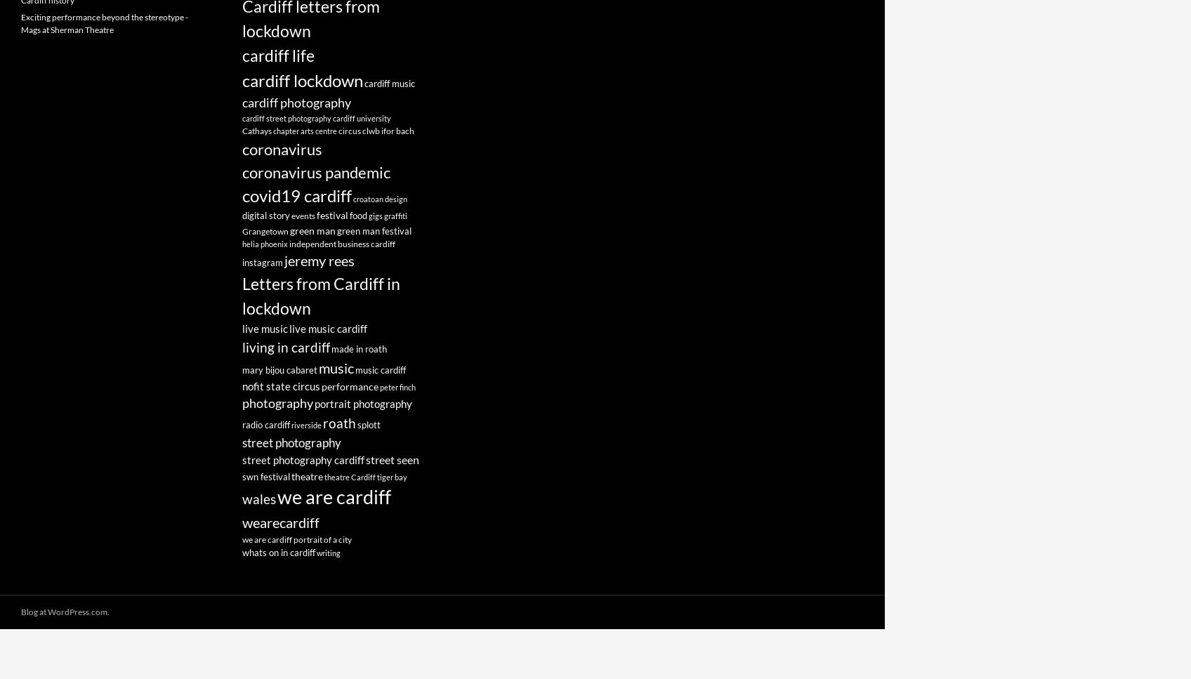 The image size is (1191, 679). What do you see at coordinates (339, 423) in the screenshot?
I see `'roath'` at bounding box center [339, 423].